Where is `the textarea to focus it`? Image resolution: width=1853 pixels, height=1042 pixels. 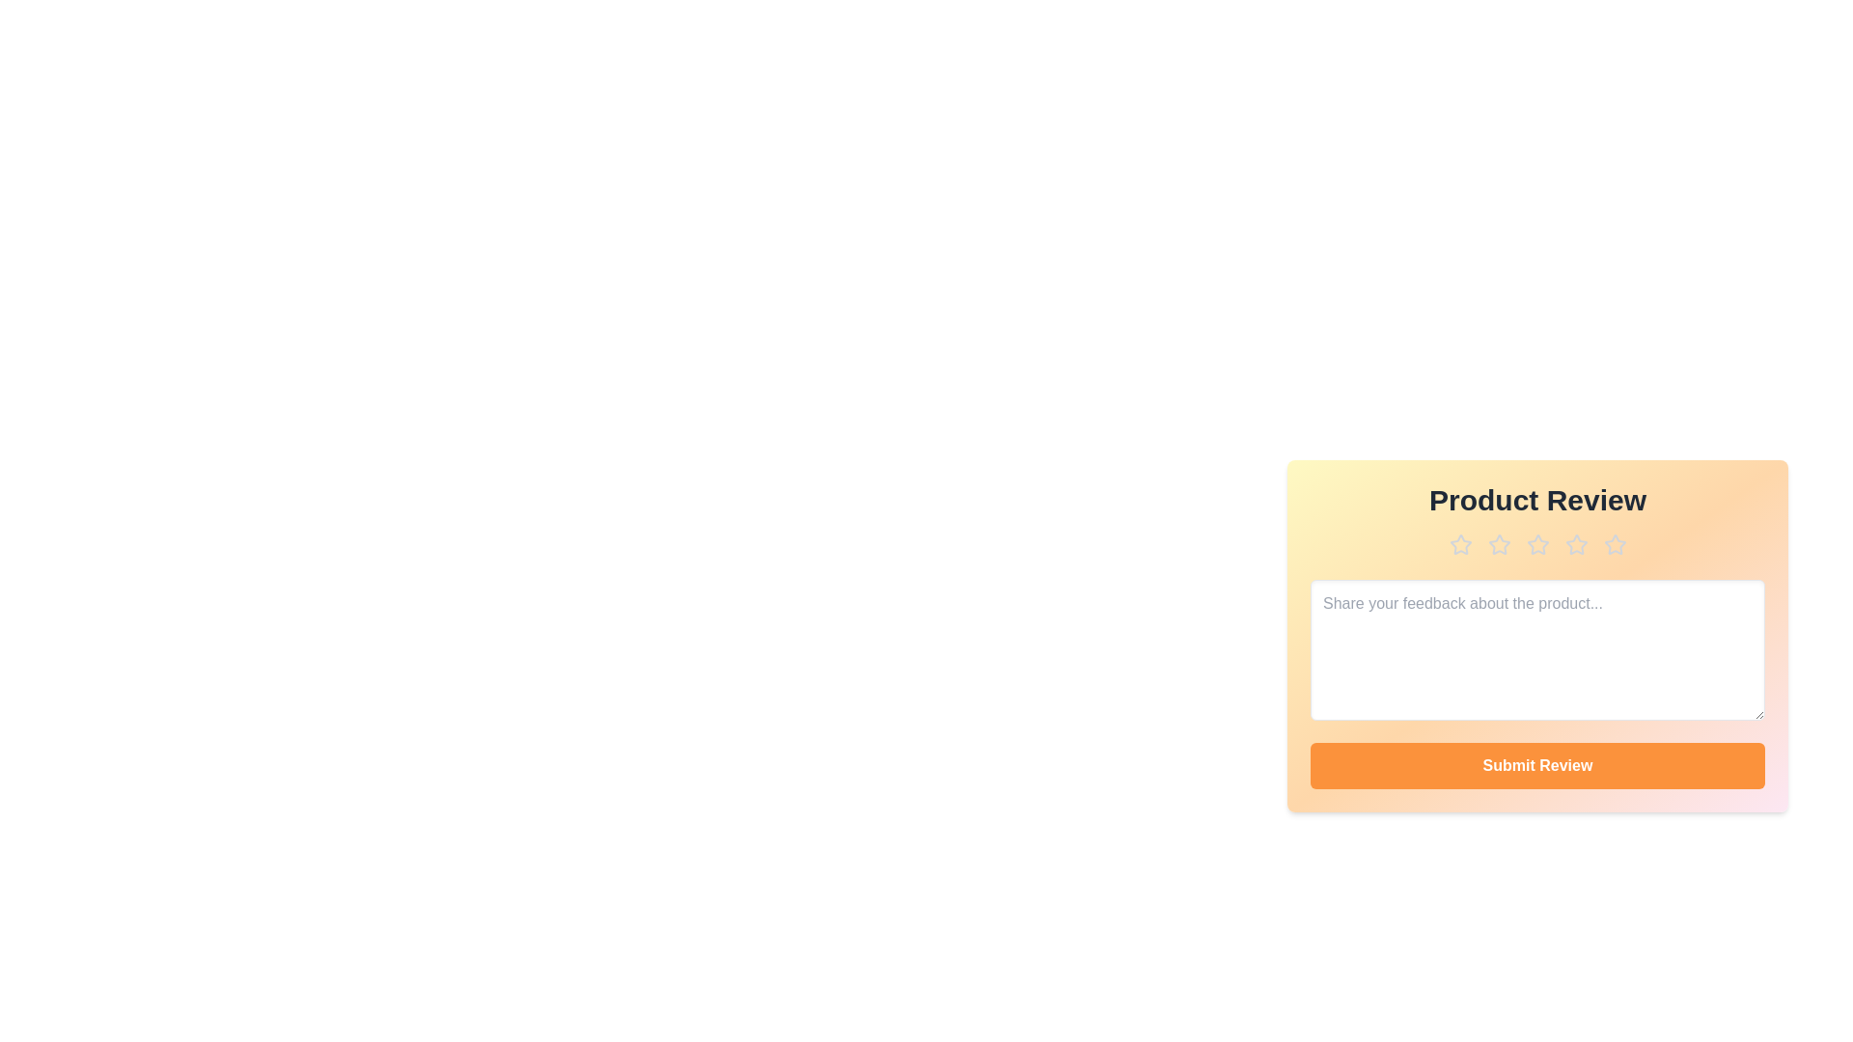 the textarea to focus it is located at coordinates (1536, 650).